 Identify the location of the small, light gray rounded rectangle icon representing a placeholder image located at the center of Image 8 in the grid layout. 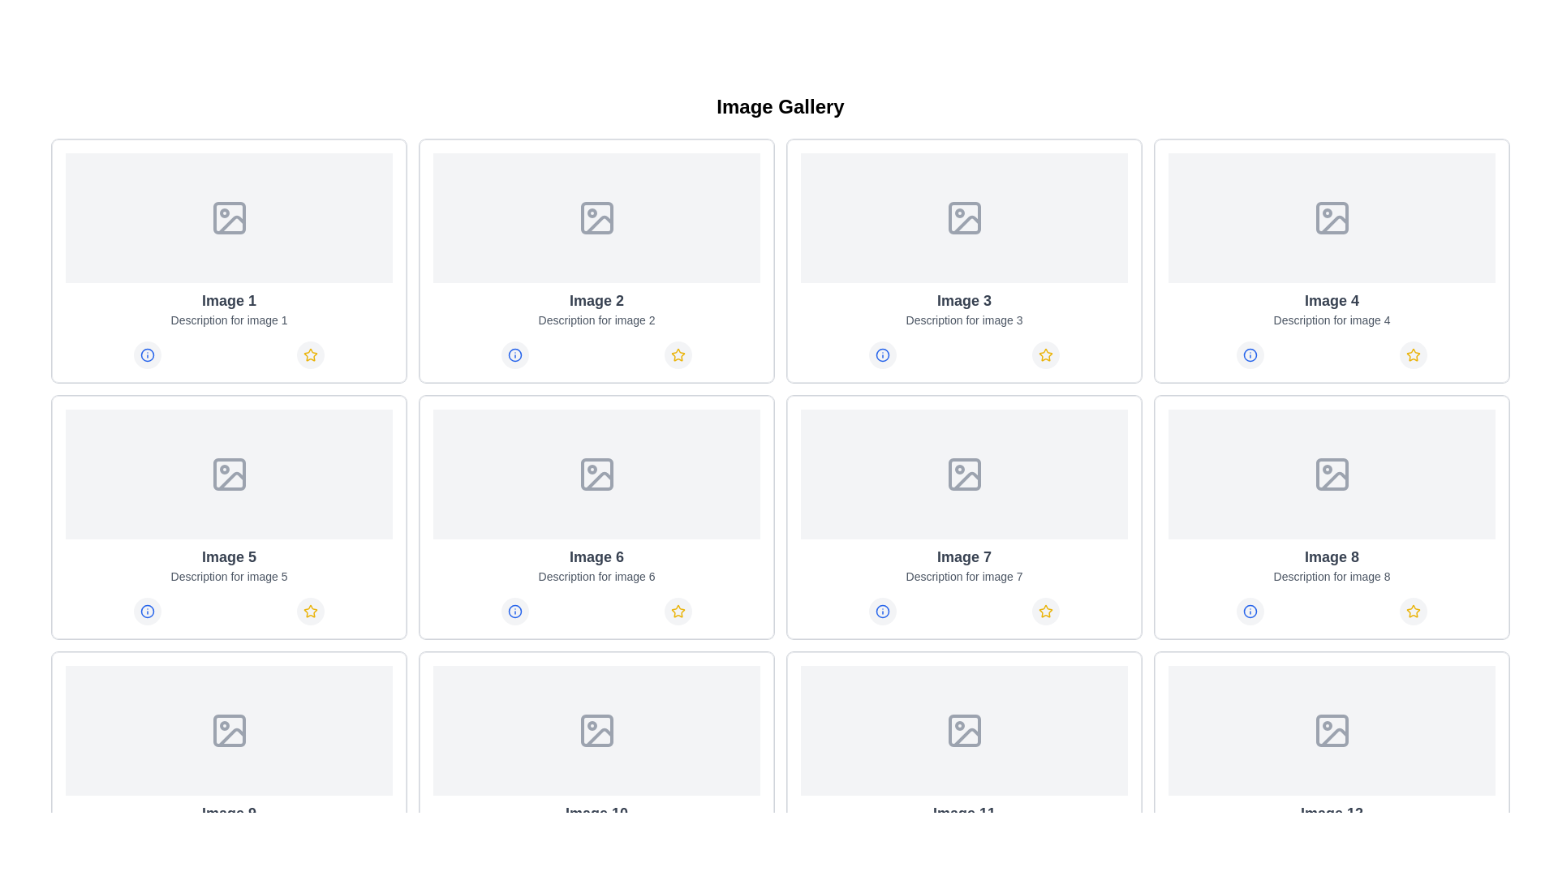
(1332, 474).